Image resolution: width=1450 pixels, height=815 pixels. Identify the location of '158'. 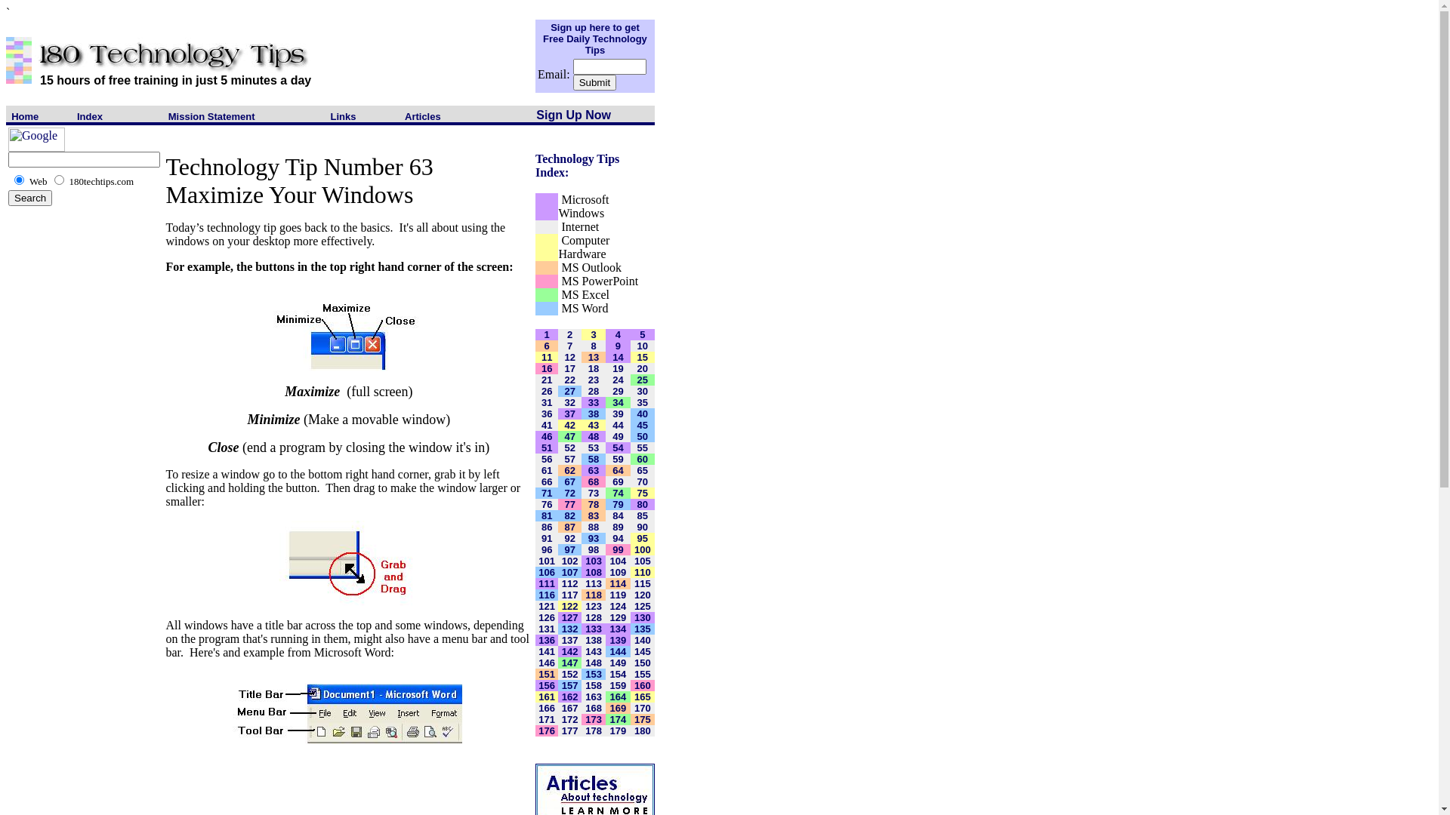
(593, 684).